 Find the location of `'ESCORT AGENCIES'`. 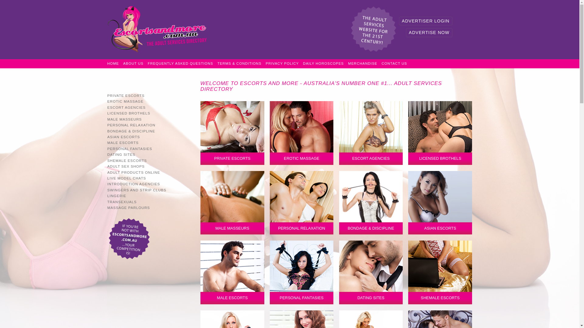

'ESCORT AGENCIES' is located at coordinates (339, 133).